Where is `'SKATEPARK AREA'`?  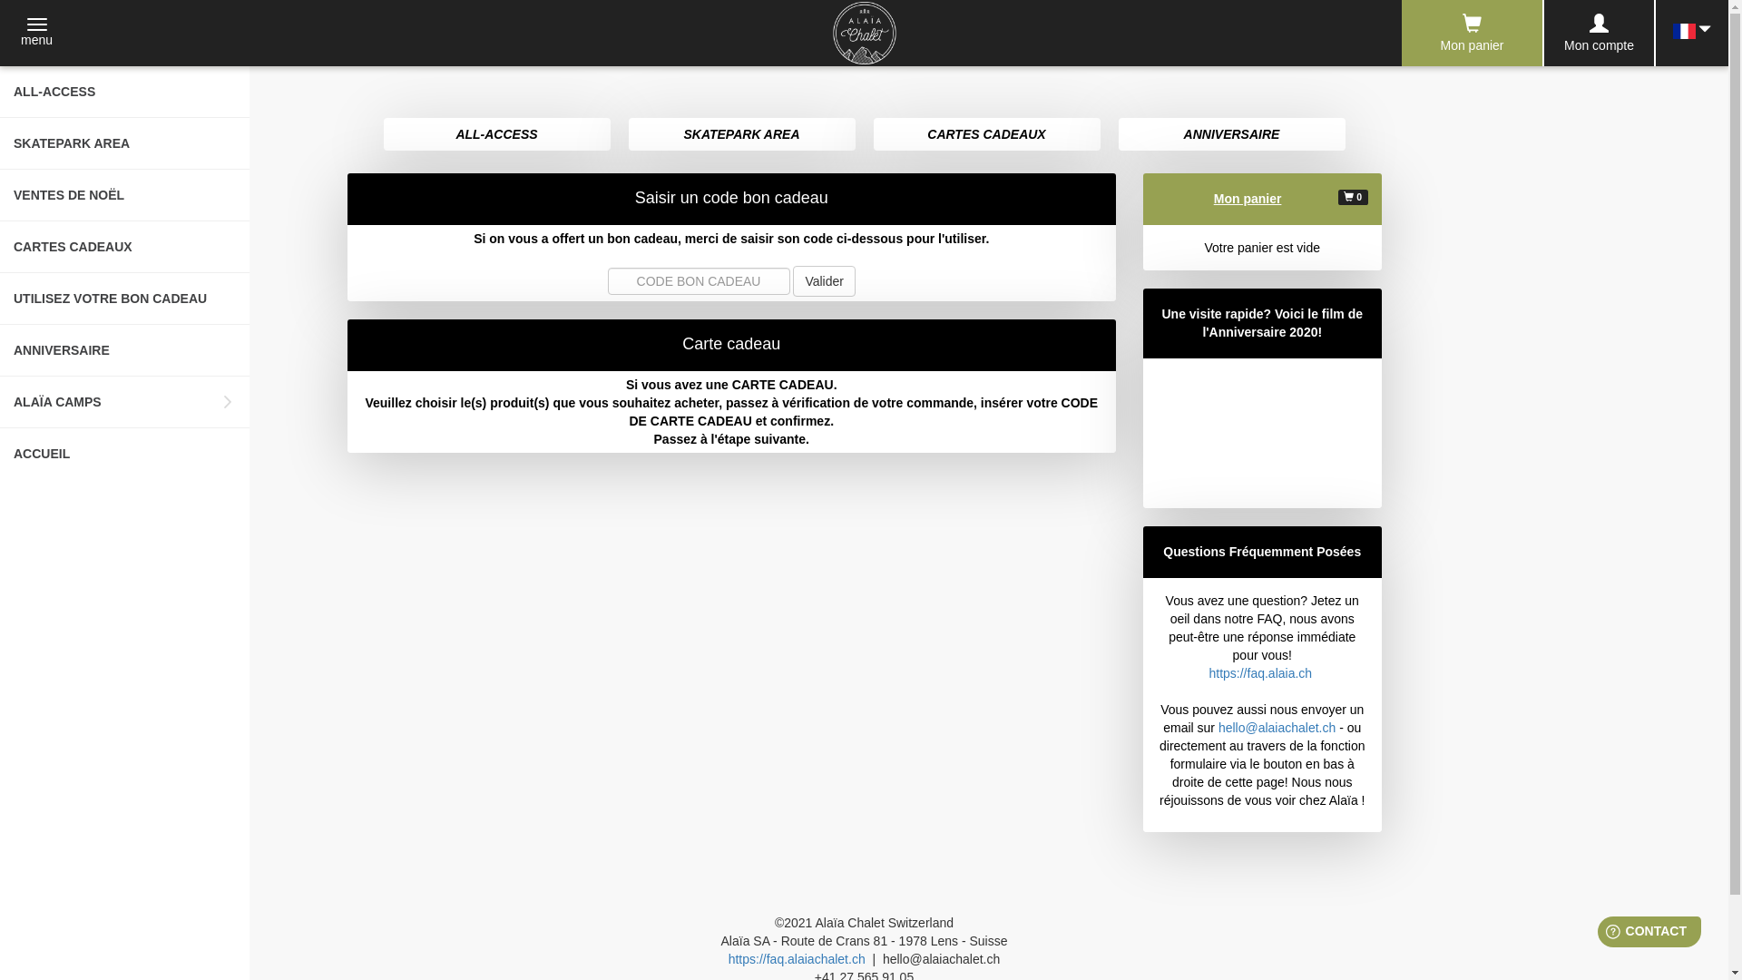
'SKATEPARK AREA' is located at coordinates (740, 132).